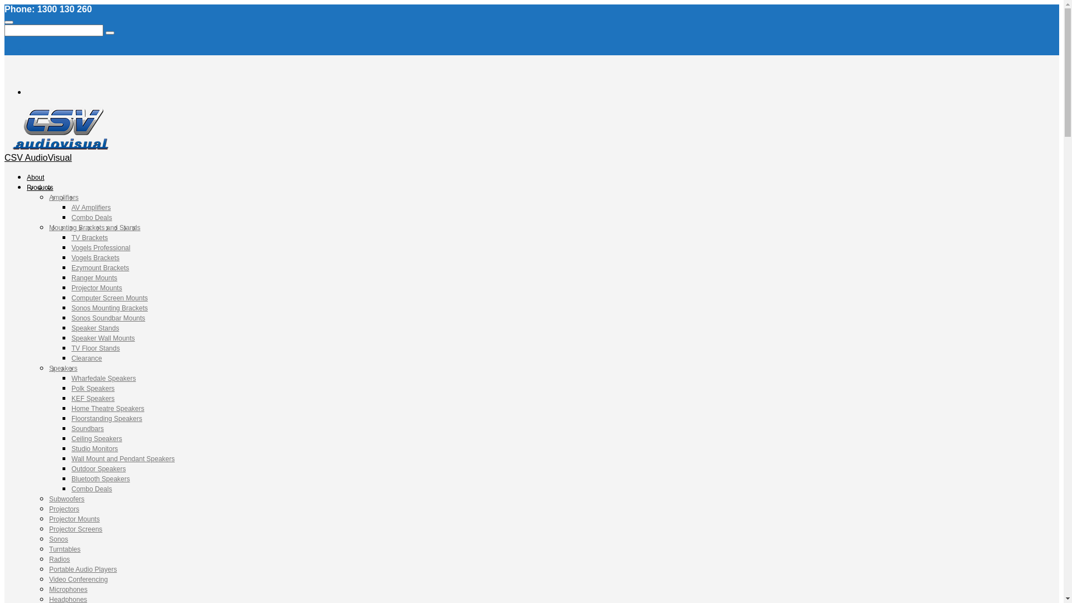  I want to click on 'Clearance', so click(86, 358).